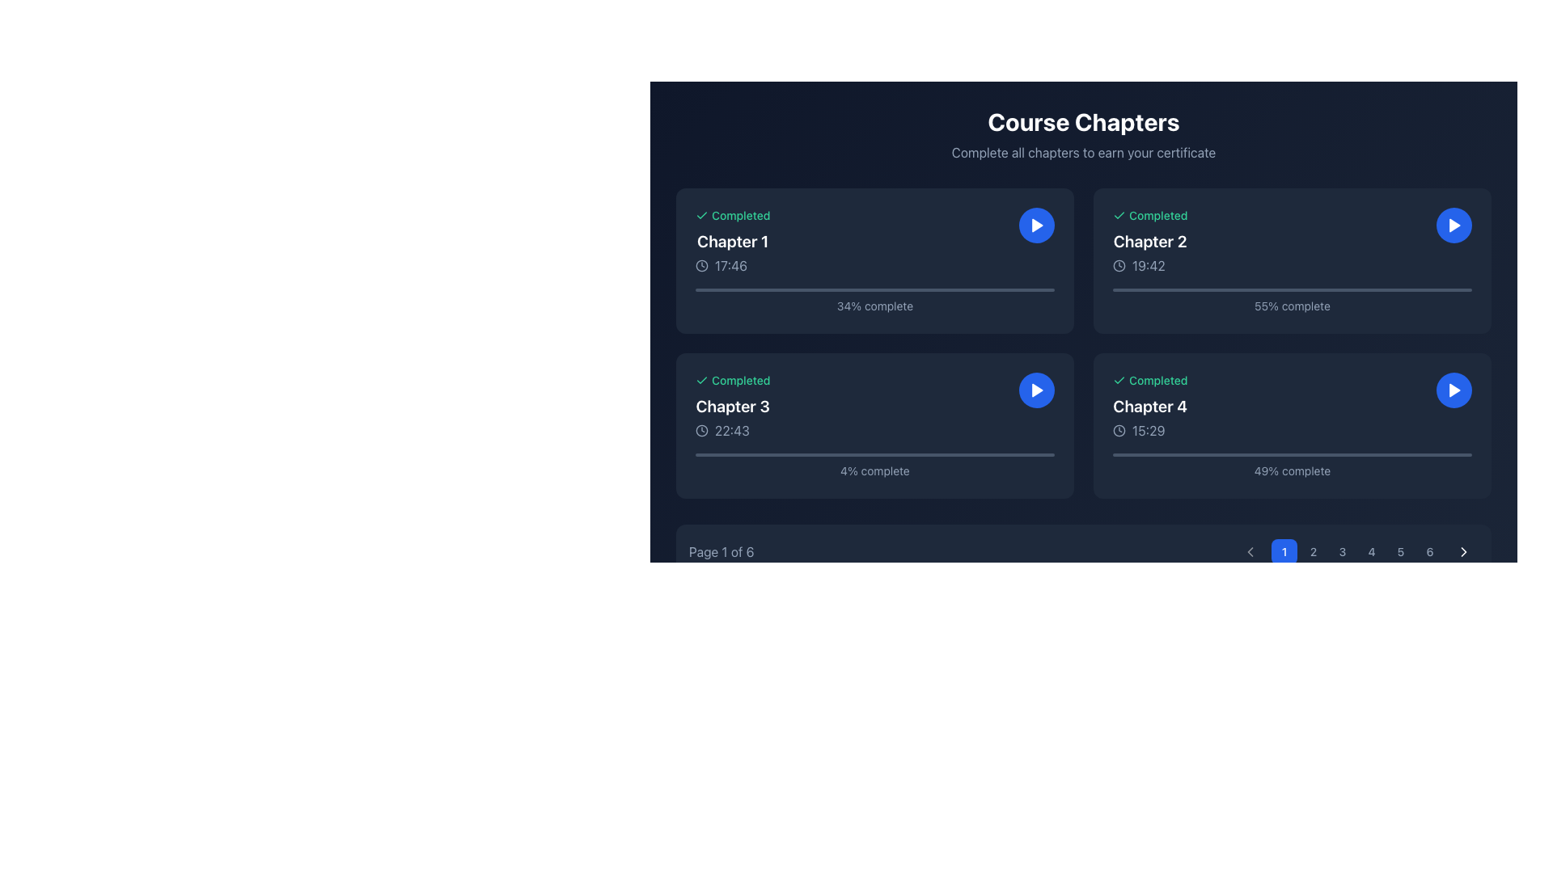  What do you see at coordinates (702, 264) in the screenshot?
I see `the circular graphic within the SVG icon that represents the outline of a clock face, which is located adjacent to the timestamp for 'Chapter 1', visually preceding the time display '17:46'` at bounding box center [702, 264].